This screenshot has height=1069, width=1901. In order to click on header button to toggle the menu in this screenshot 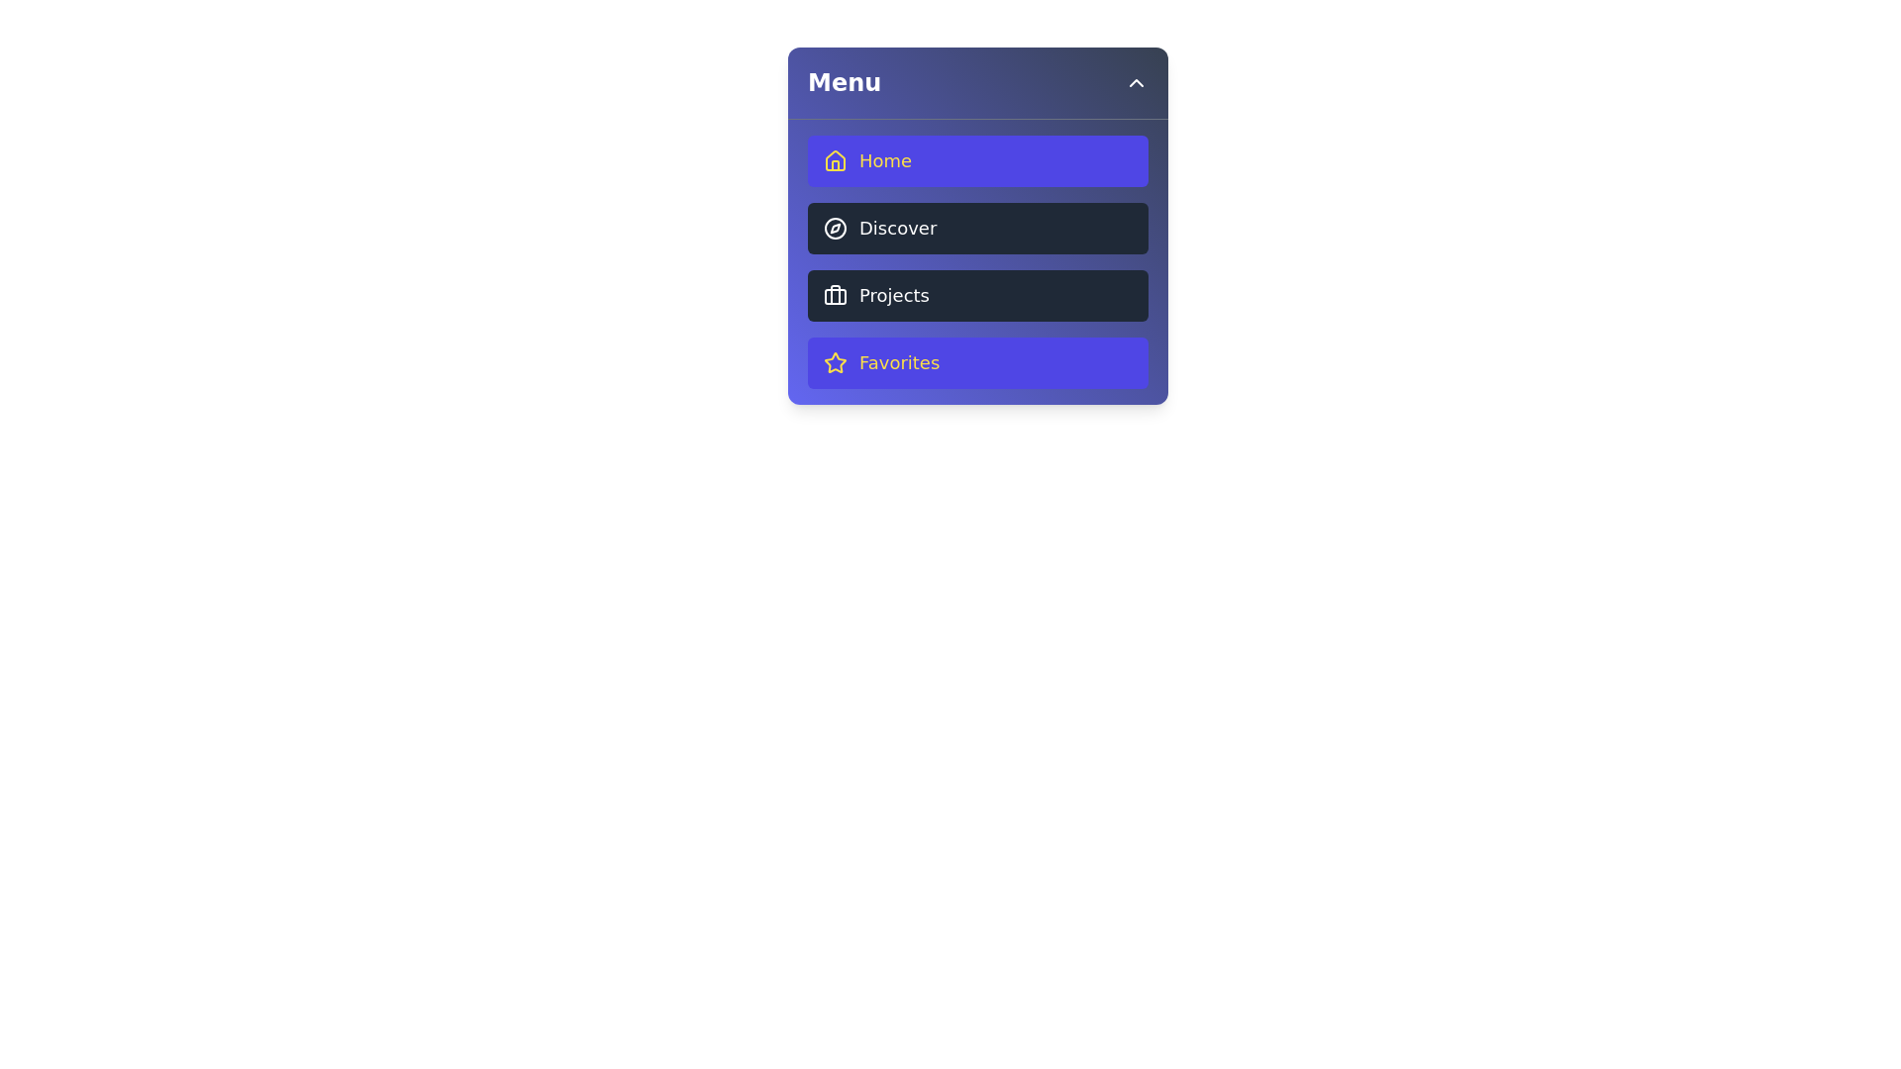, I will do `click(1136, 82)`.